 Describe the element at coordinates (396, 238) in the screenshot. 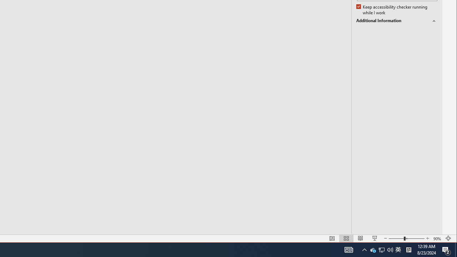

I see `'Zoom Out'` at that location.